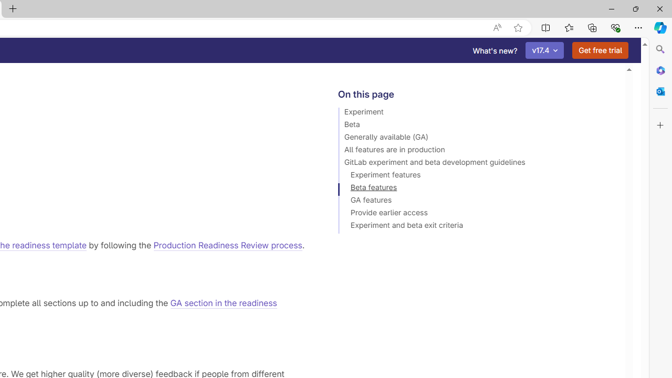  I want to click on 'Get free trial', so click(600, 50).